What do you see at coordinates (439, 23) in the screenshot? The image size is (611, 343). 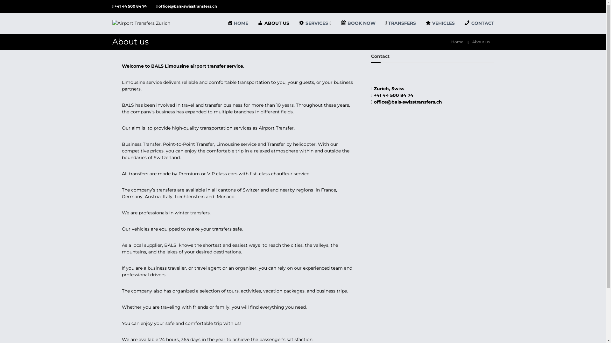 I see `'VEHICLES'` at bounding box center [439, 23].